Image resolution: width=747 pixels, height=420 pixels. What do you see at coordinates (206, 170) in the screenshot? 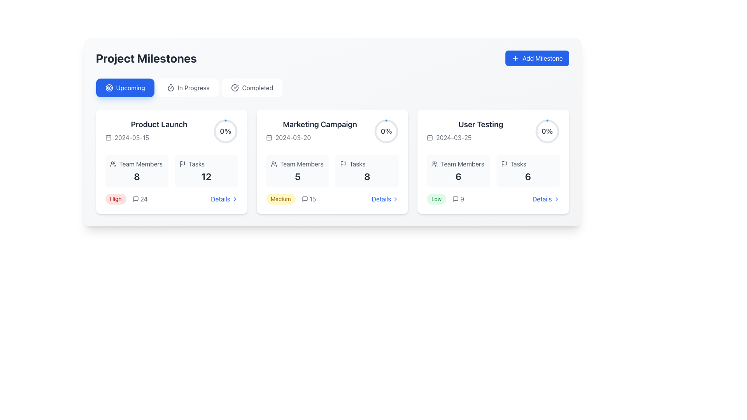
I see `the informational display panel indicating the total number of tasks associated with the 'Project Launch' milestone, positioned in the right grid cell of the 'Project Launch' section` at bounding box center [206, 170].